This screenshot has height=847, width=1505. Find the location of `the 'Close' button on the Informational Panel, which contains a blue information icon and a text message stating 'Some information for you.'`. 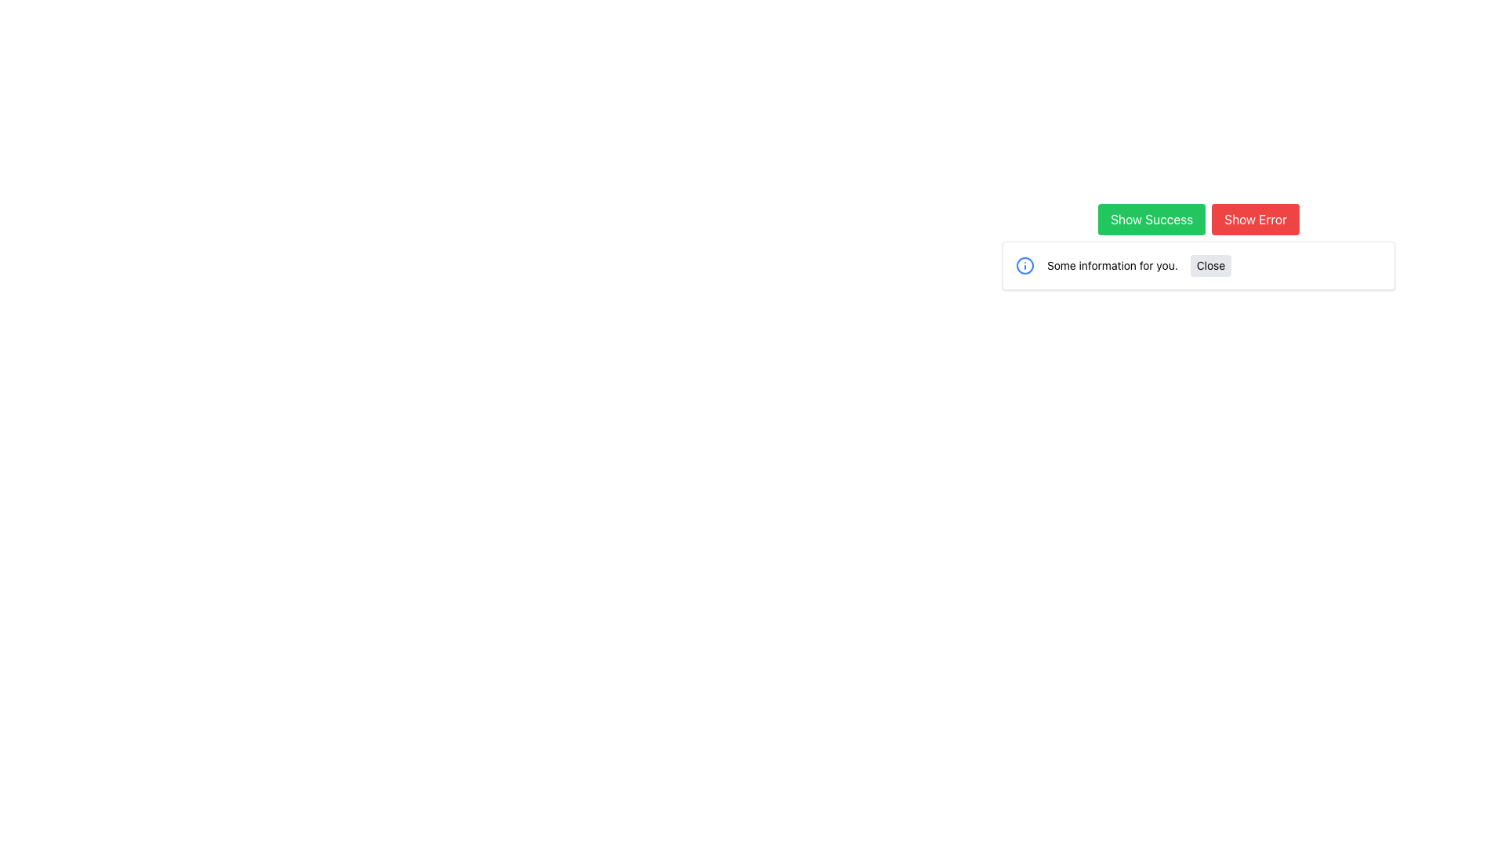

the 'Close' button on the Informational Panel, which contains a blue information icon and a text message stating 'Some information for you.' is located at coordinates (1198, 265).